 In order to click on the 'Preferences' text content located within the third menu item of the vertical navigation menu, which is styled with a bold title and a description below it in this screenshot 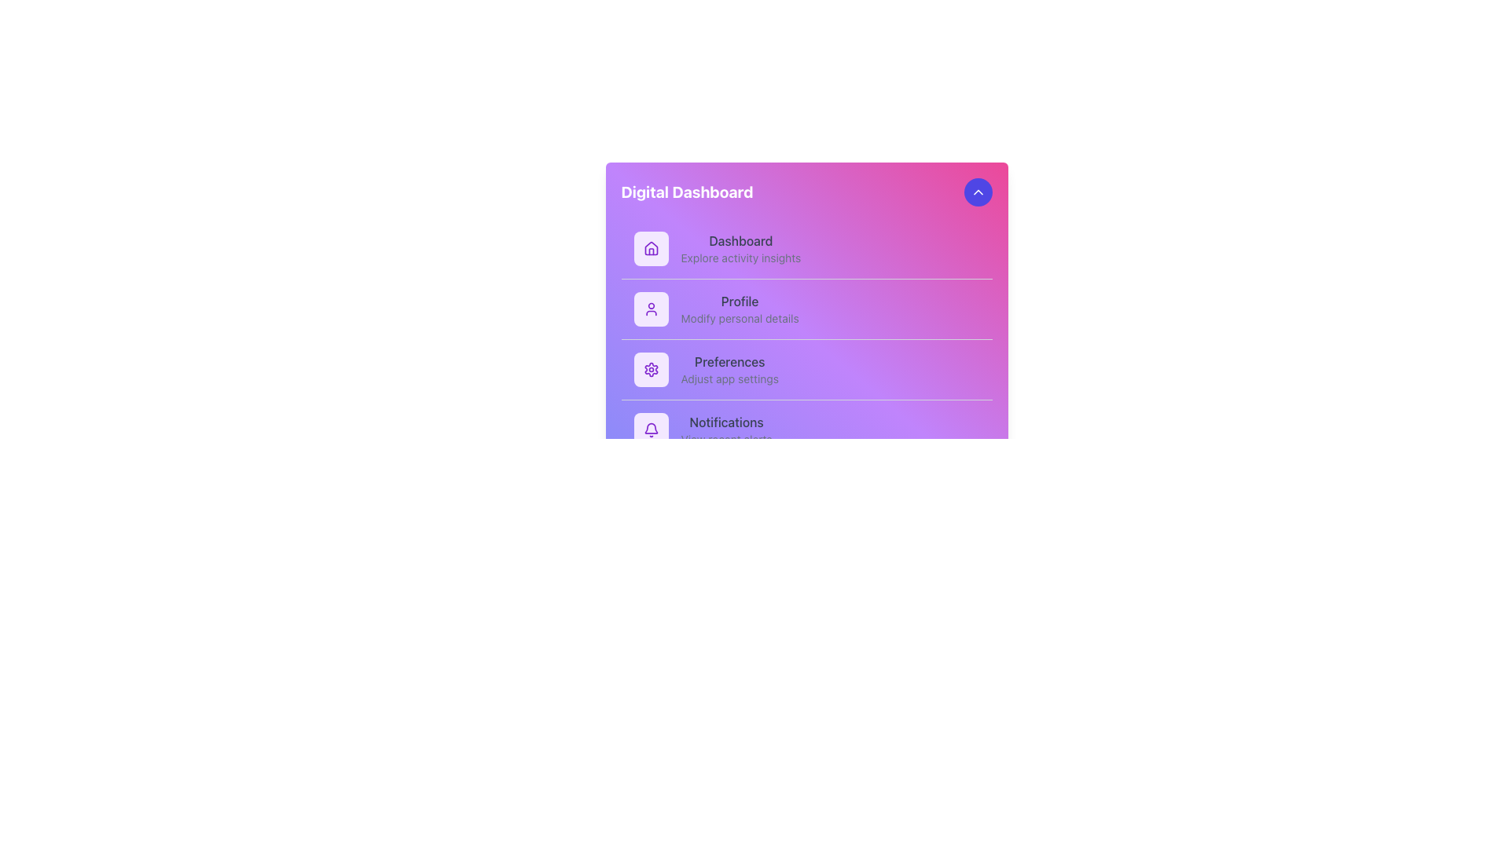, I will do `click(729, 369)`.